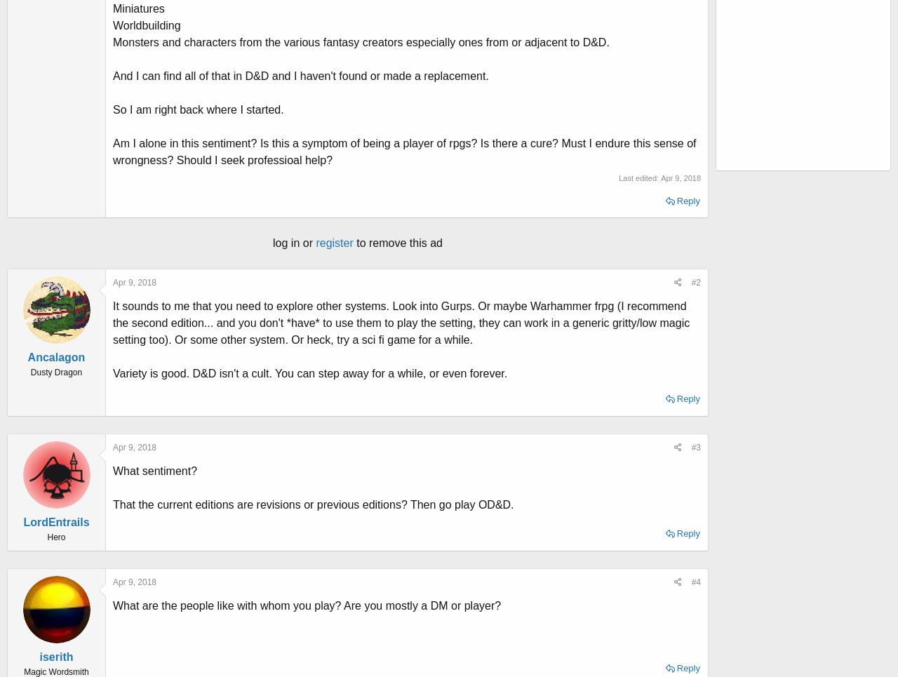 Image resolution: width=898 pixels, height=677 pixels. I want to click on 'log in or', so click(293, 243).